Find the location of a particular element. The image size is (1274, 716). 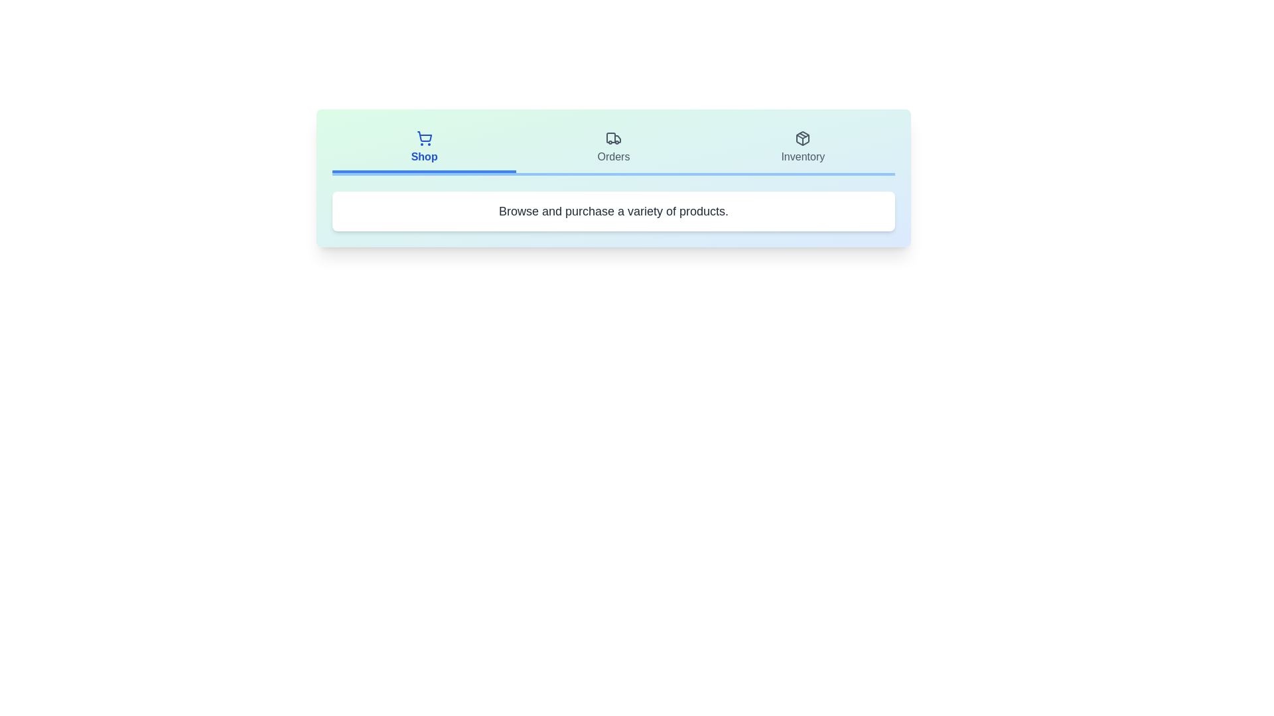

the Inventory tab is located at coordinates (802, 149).